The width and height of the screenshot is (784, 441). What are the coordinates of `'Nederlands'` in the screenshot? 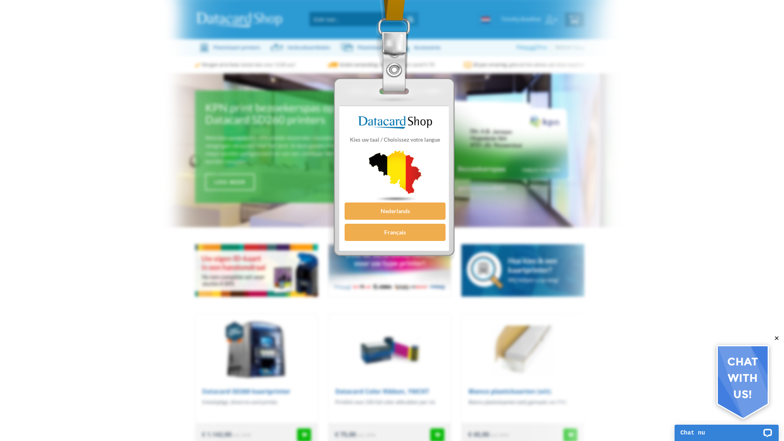 It's located at (345, 210).